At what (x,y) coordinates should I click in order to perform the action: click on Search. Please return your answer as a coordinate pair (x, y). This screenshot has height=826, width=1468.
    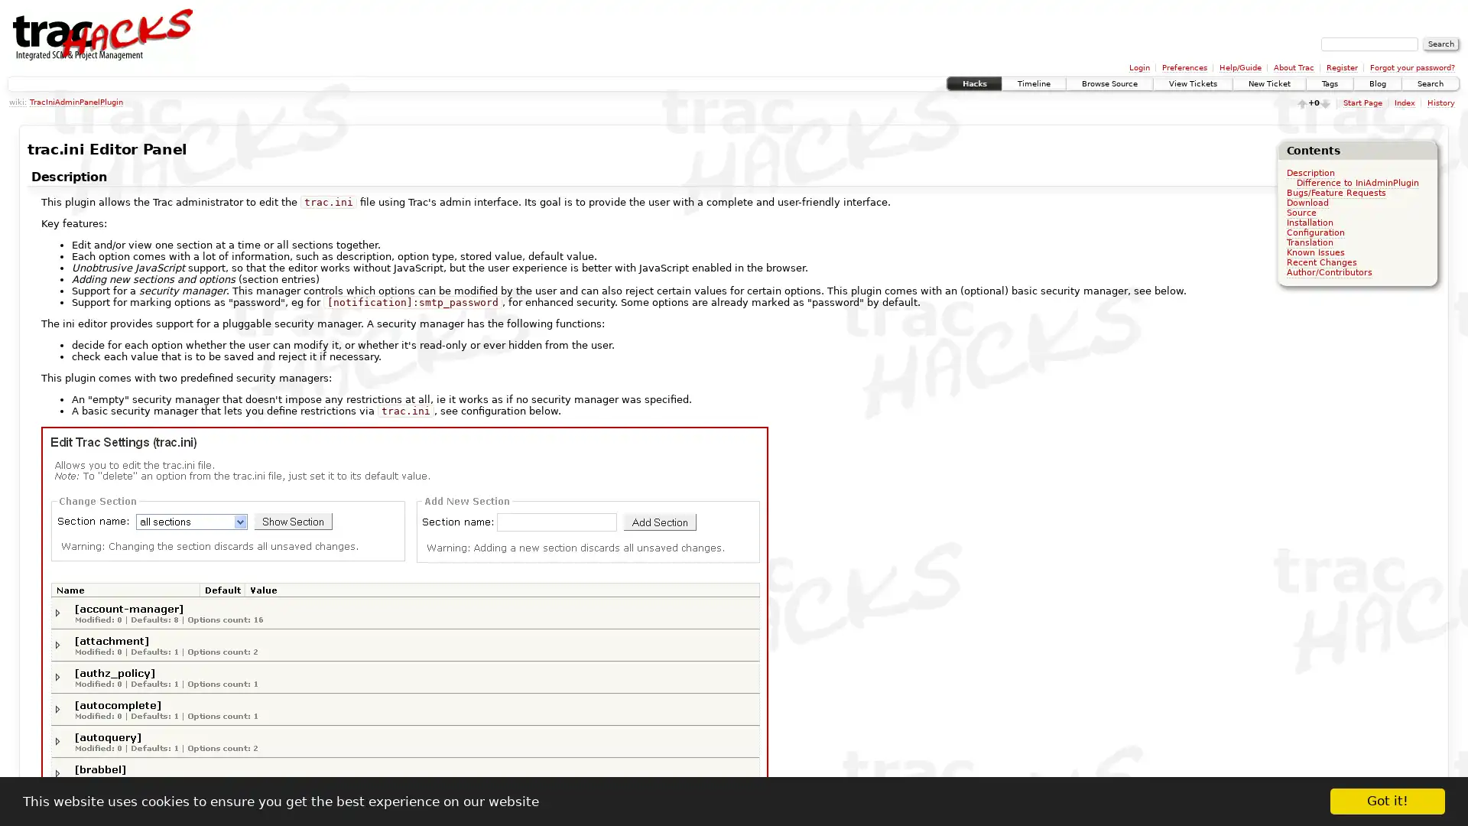
    Looking at the image, I should click on (1440, 43).